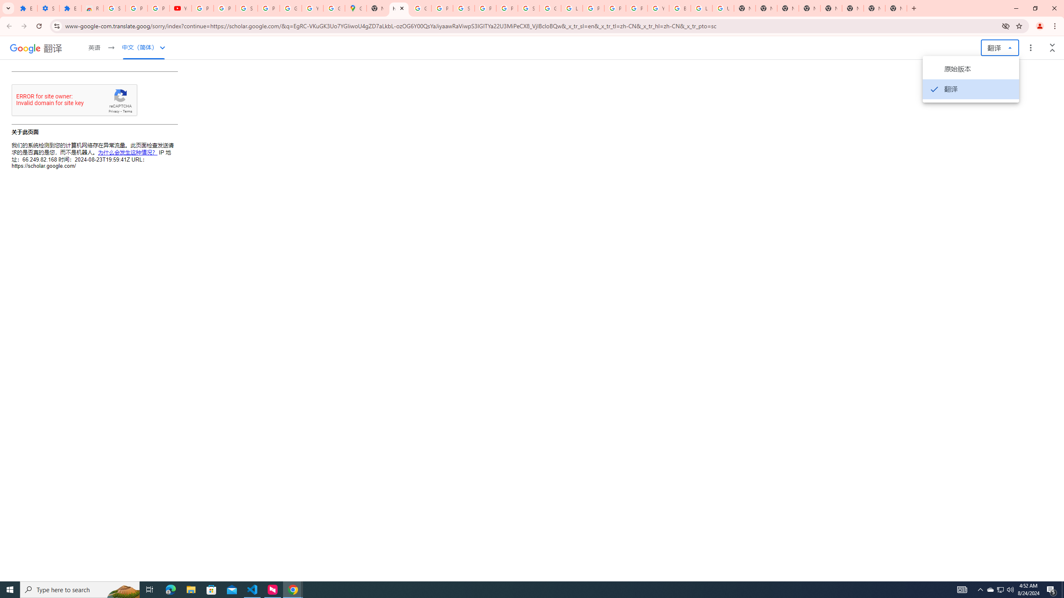 The image size is (1064, 598). What do you see at coordinates (27, 8) in the screenshot?
I see `'Extensions'` at bounding box center [27, 8].